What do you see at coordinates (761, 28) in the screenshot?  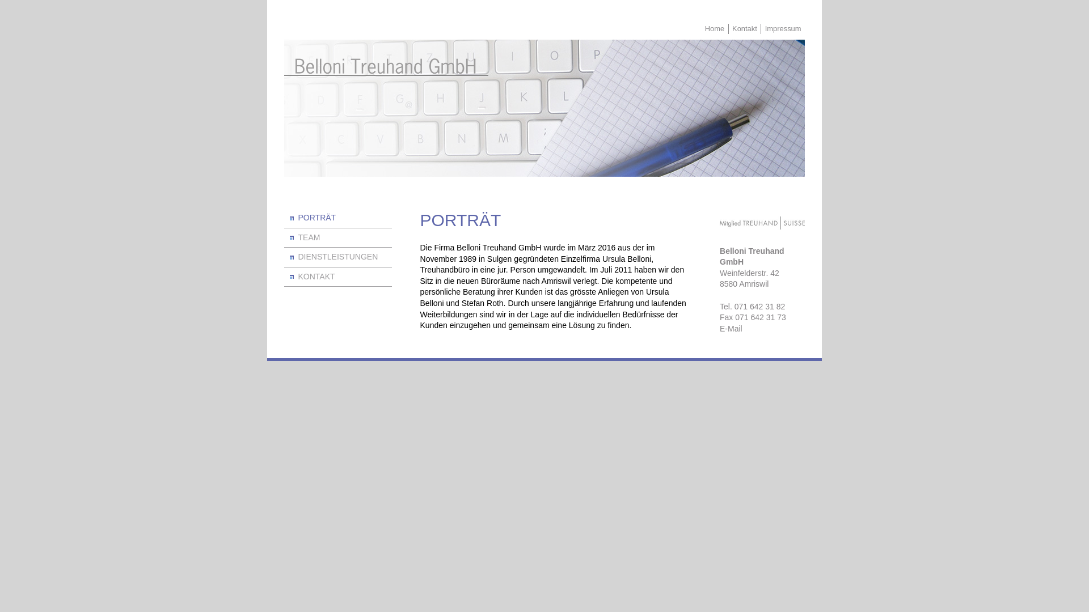 I see `'Impressum'` at bounding box center [761, 28].